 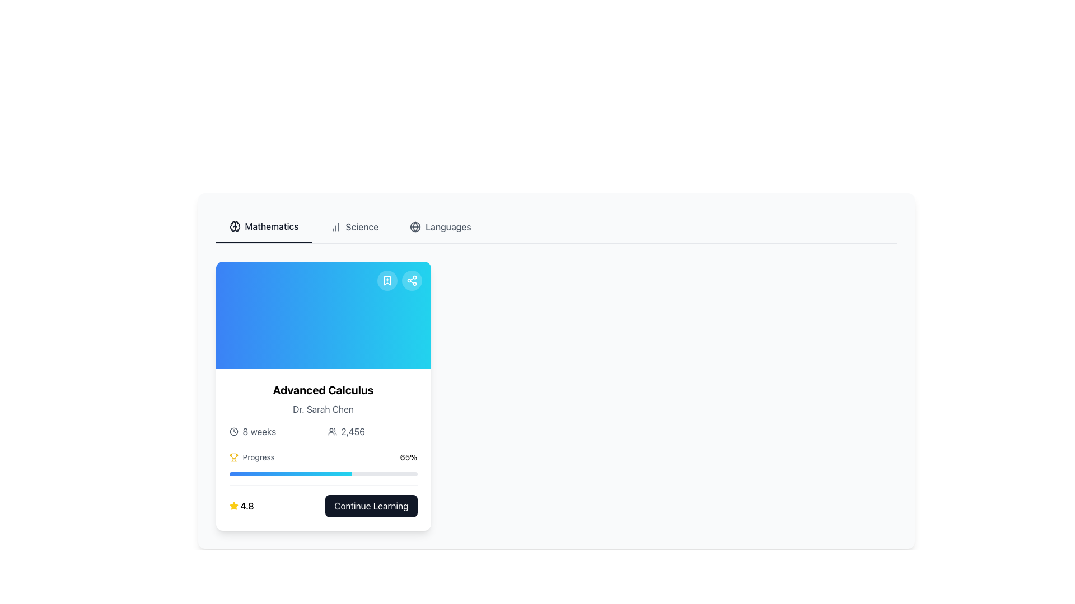 I want to click on the Icon (SVG graphic) that signifies the user count, located immediately to the left of the text '2,456,' in the statistics display beneath the card header, so click(x=331, y=431).